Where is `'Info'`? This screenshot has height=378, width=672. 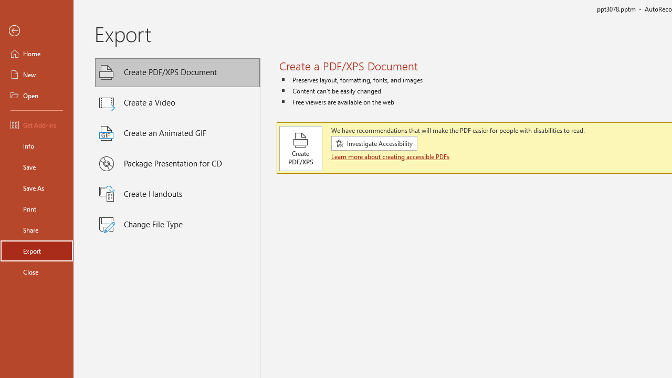 'Info' is located at coordinates (36, 145).